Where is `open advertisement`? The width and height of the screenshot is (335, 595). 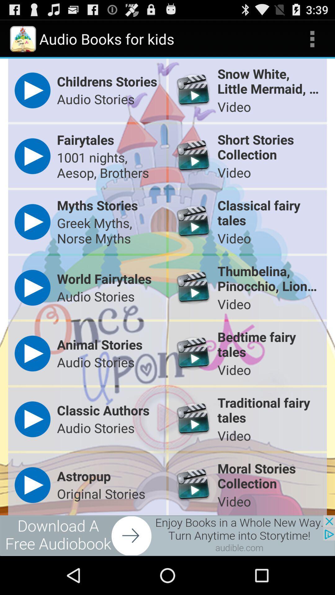
open advertisement is located at coordinates (167, 535).